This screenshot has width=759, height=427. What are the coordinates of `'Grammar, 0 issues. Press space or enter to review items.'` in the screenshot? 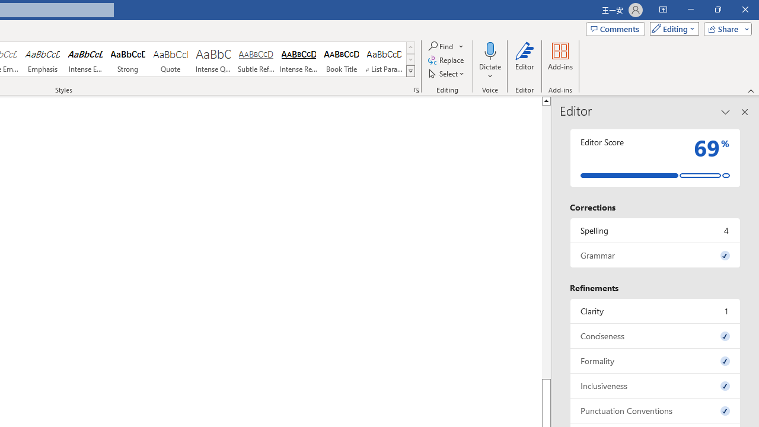 It's located at (655, 254).